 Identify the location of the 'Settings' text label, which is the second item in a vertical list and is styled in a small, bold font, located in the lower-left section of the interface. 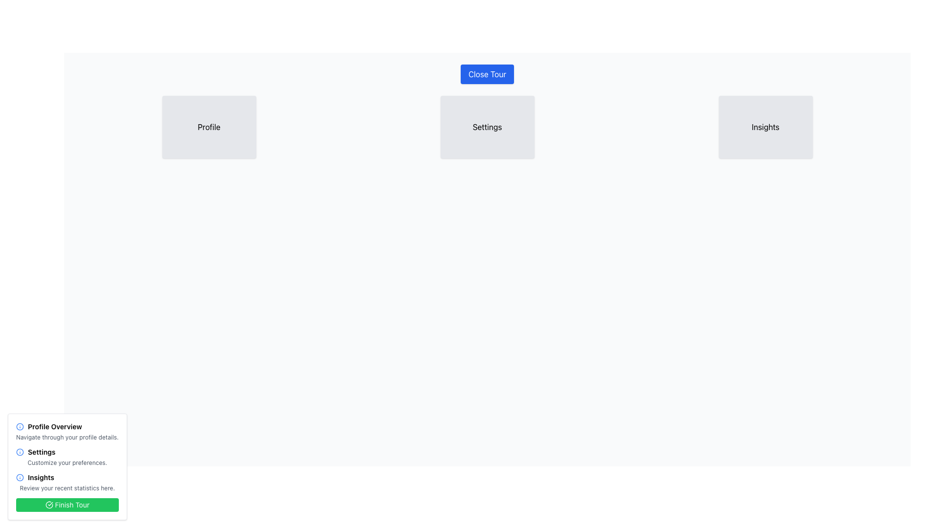
(41, 452).